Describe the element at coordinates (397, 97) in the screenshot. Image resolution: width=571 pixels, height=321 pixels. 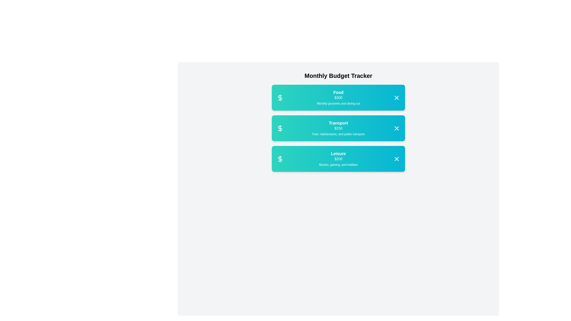
I see `close button for the category Food` at that location.